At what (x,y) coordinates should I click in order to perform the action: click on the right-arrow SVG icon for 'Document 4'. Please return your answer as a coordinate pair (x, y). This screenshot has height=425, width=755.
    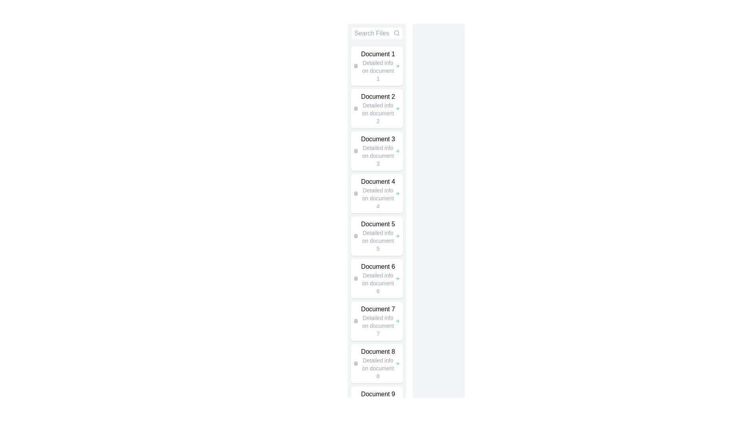
    Looking at the image, I should click on (398, 194).